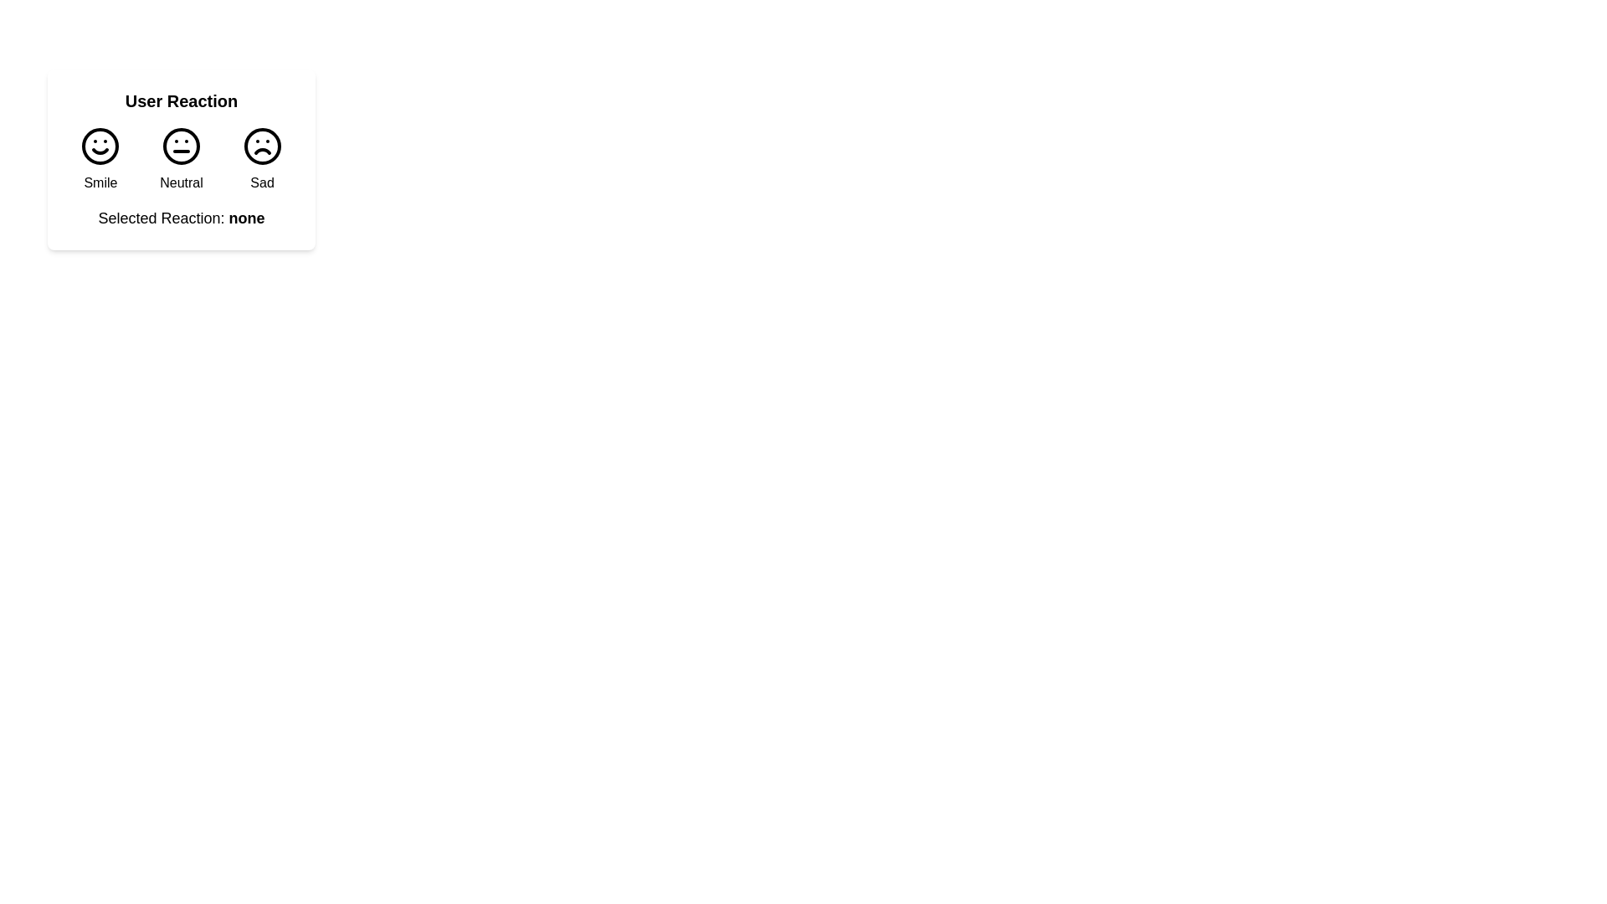  Describe the element at coordinates (181, 183) in the screenshot. I see `the text label displaying 'Neutral', which is located centrally under the neutral face icon in a row of three labels` at that location.